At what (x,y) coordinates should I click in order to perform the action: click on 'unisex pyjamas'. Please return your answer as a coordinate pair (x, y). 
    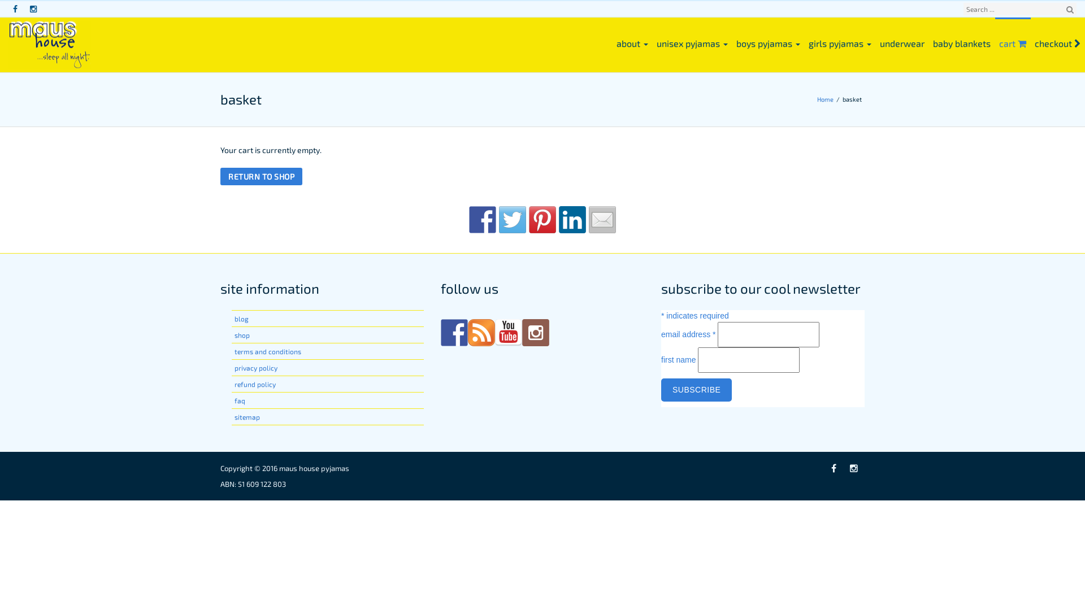
    Looking at the image, I should click on (653, 42).